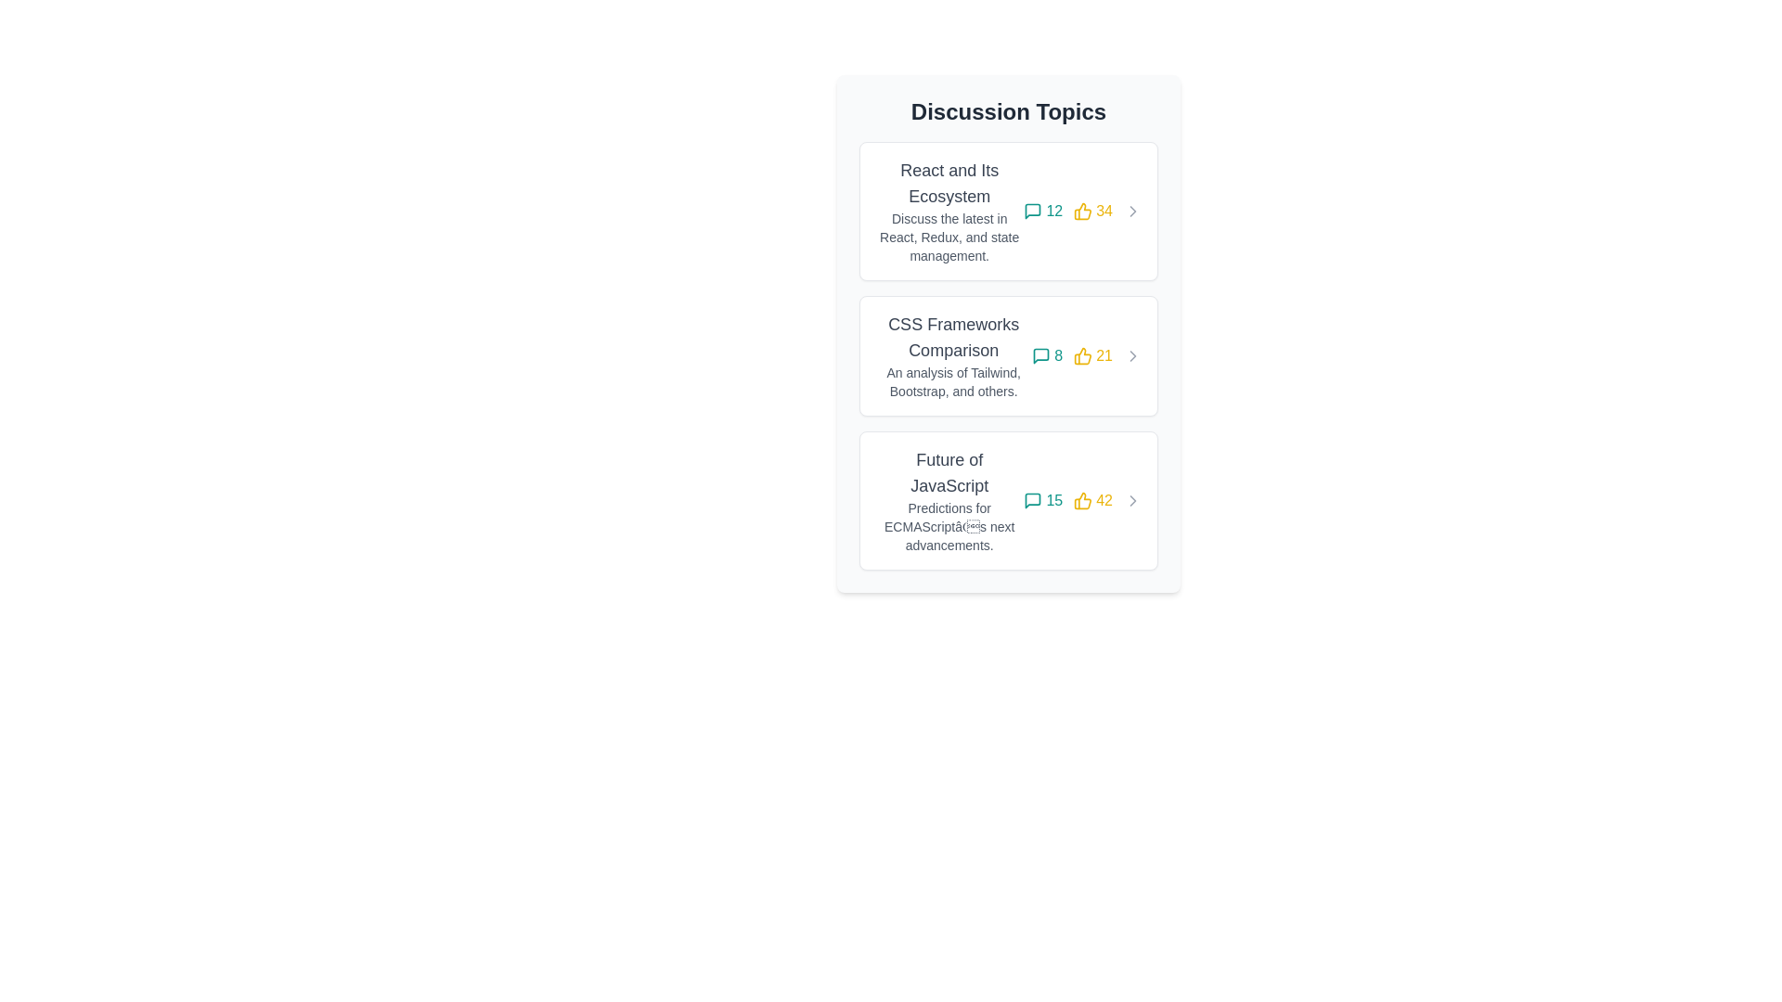  I want to click on the second card in the vertically stacked list of discussion topics, so click(1007, 356).